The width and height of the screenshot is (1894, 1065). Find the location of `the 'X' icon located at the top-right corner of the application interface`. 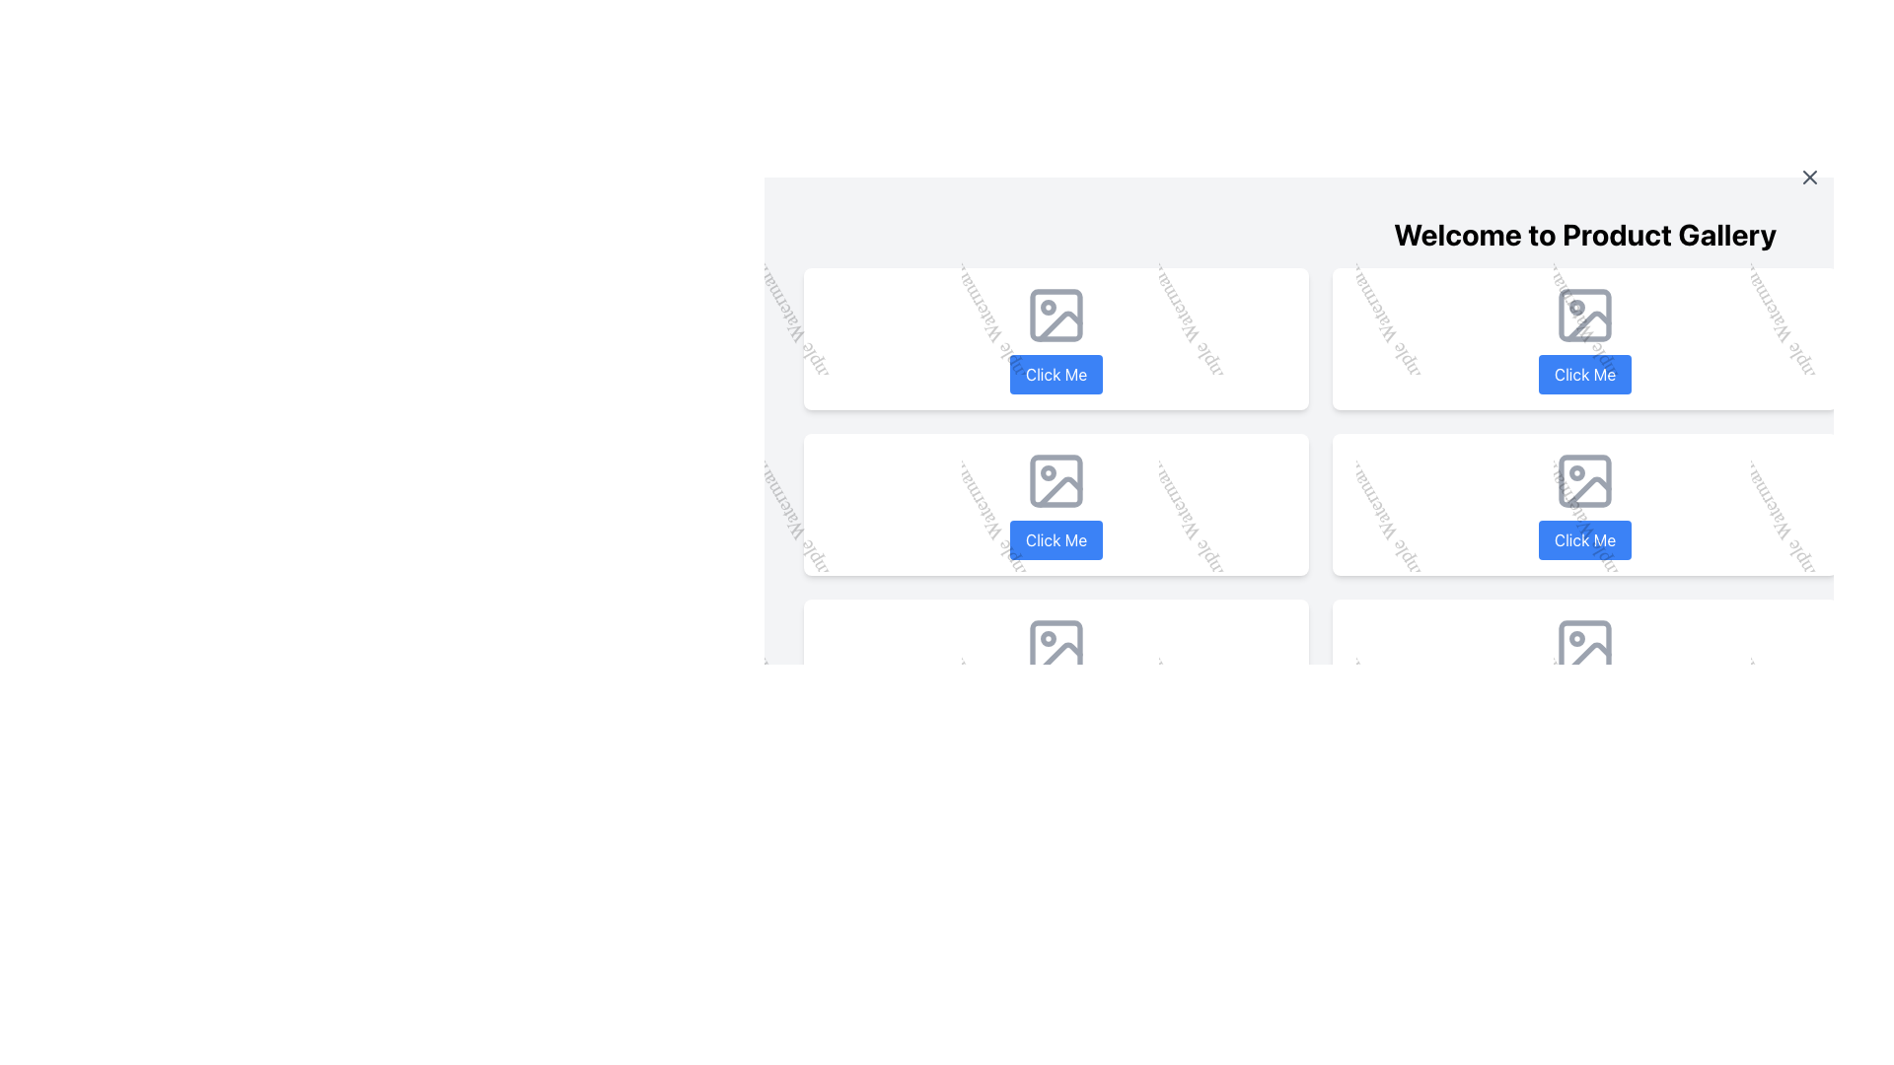

the 'X' icon located at the top-right corner of the application interface is located at coordinates (1809, 177).